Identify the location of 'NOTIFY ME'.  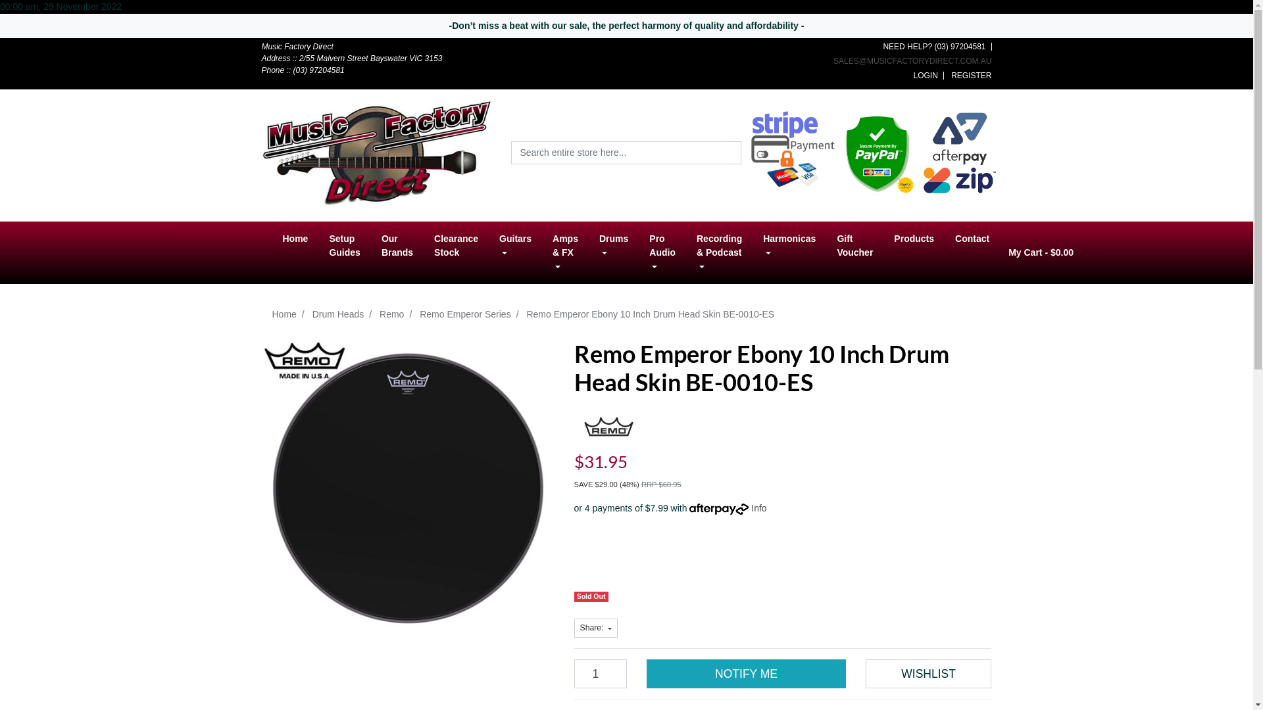
(745, 674).